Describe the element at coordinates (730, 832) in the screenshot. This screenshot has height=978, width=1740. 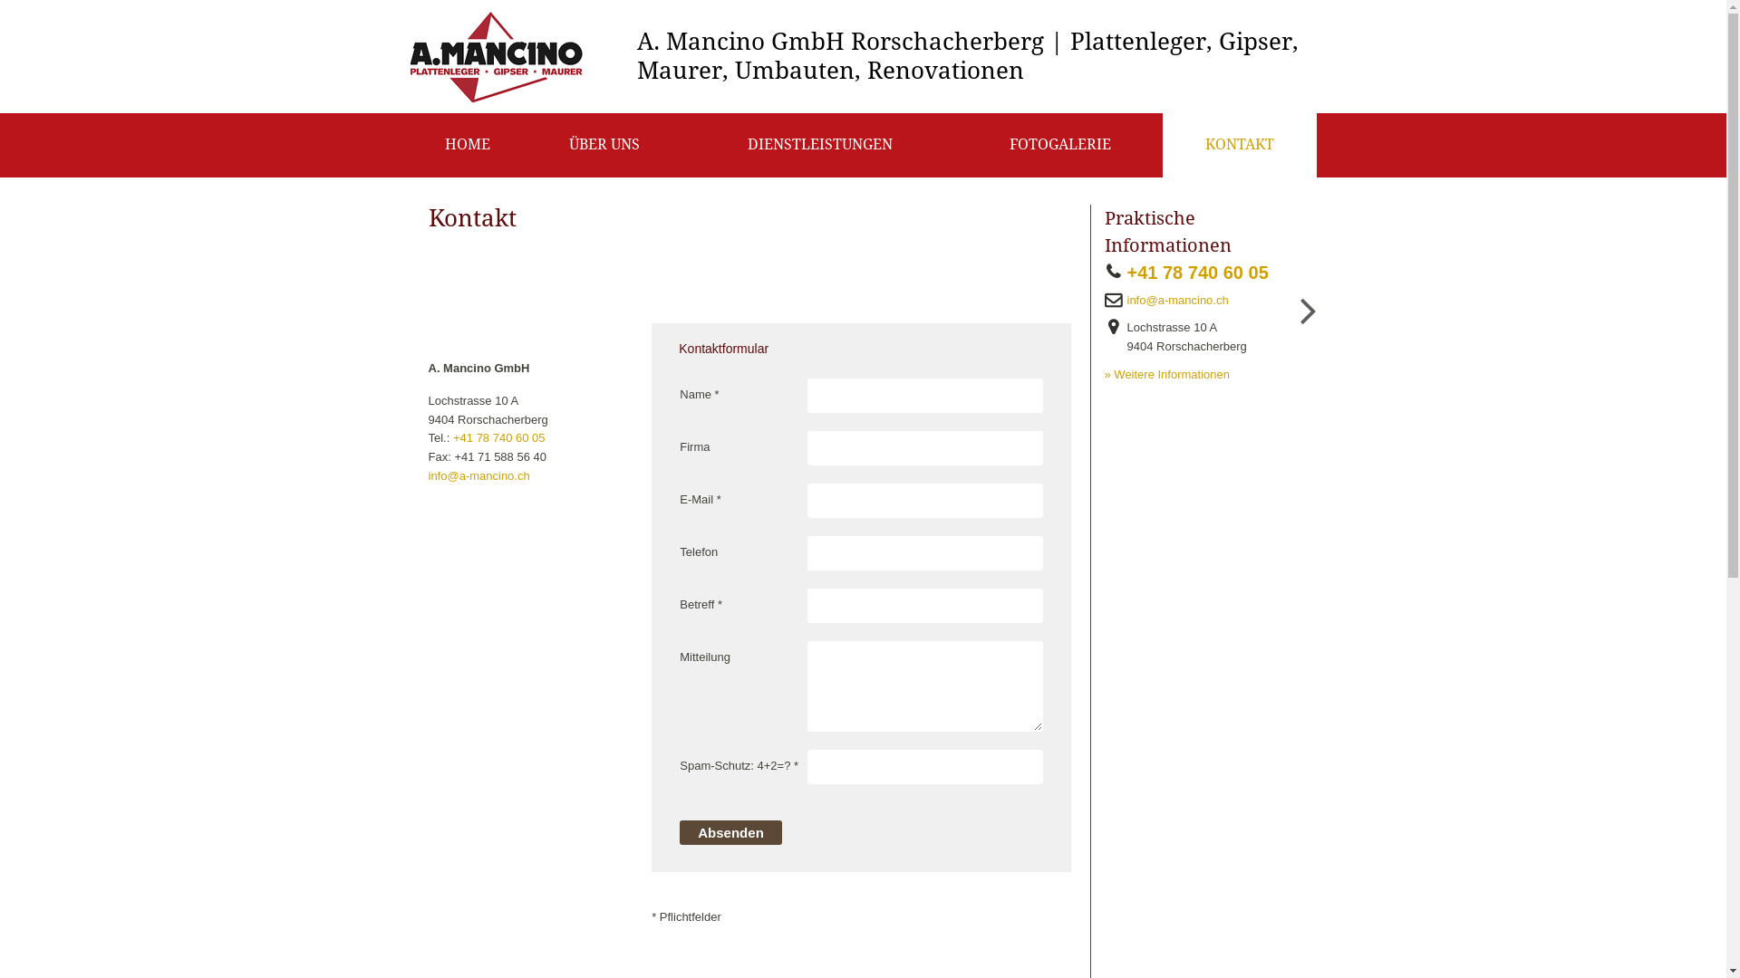
I see `'Absenden'` at that location.